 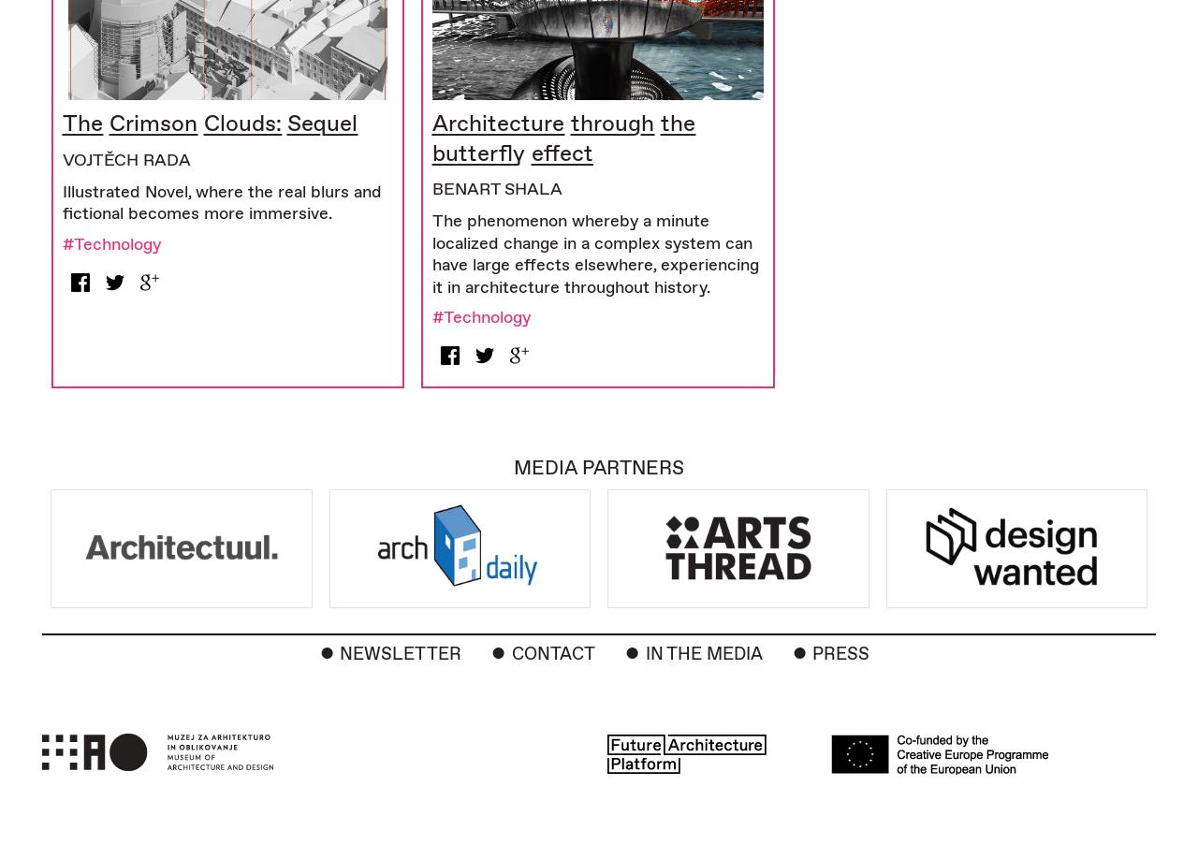 I want to click on 'Architecture through the butterfly effect', so click(x=431, y=137).